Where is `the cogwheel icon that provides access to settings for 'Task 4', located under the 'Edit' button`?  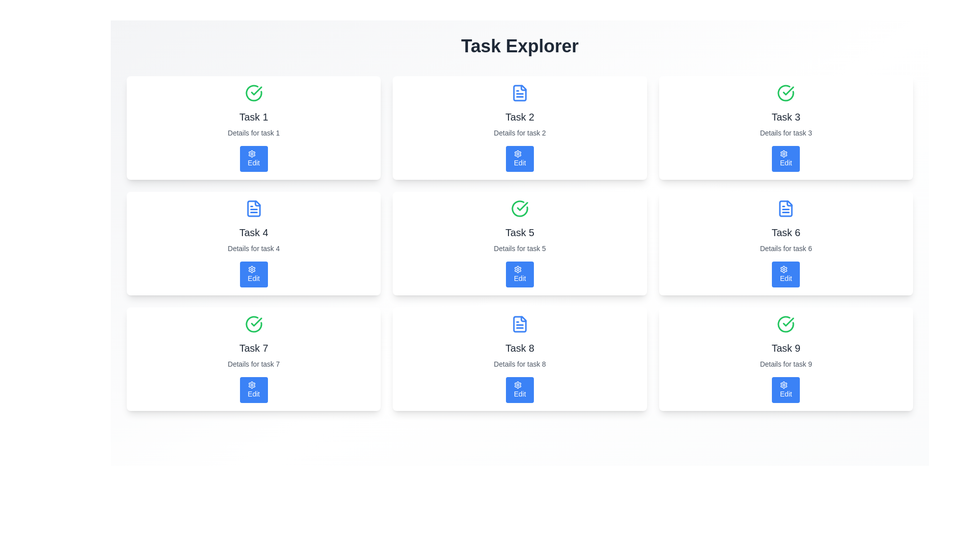 the cogwheel icon that provides access to settings for 'Task 4', located under the 'Edit' button is located at coordinates (251, 269).